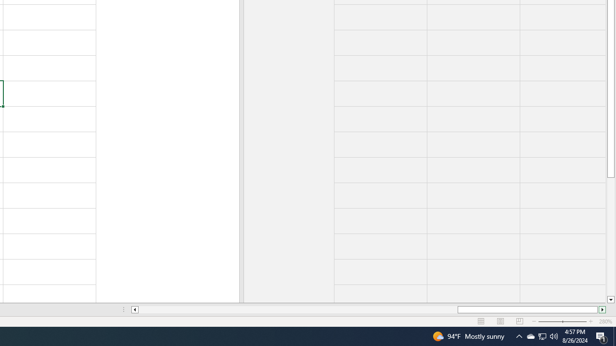  Describe the element at coordinates (519, 321) in the screenshot. I see `'Page Break Preview'` at that location.